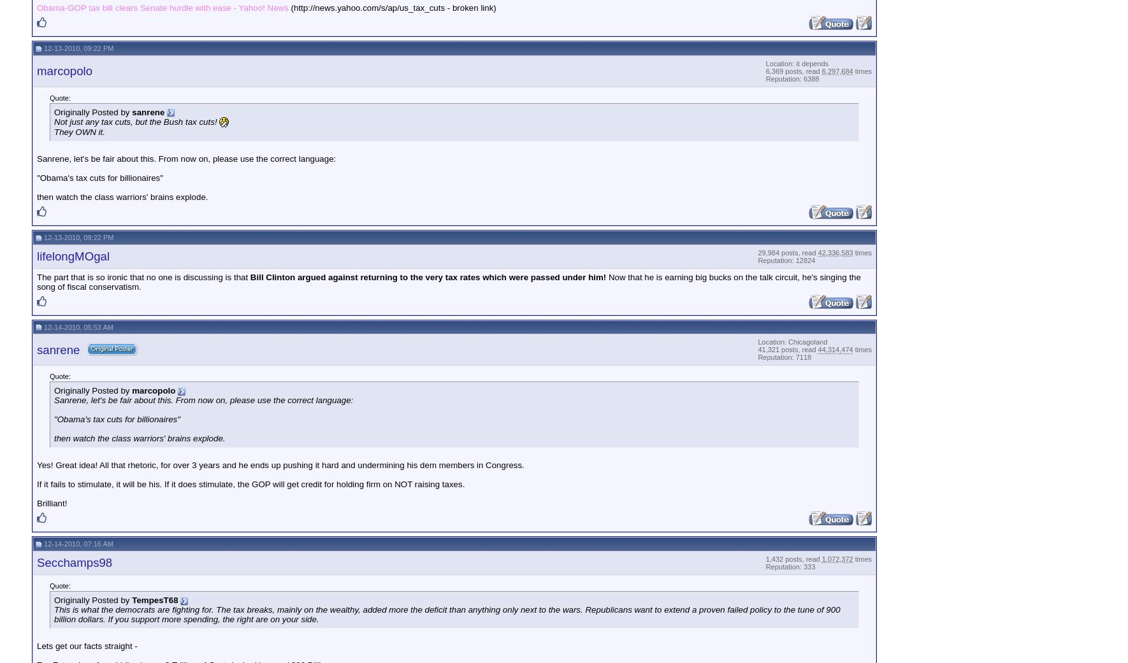  What do you see at coordinates (786, 350) in the screenshot?
I see `'41,321 posts, read'` at bounding box center [786, 350].